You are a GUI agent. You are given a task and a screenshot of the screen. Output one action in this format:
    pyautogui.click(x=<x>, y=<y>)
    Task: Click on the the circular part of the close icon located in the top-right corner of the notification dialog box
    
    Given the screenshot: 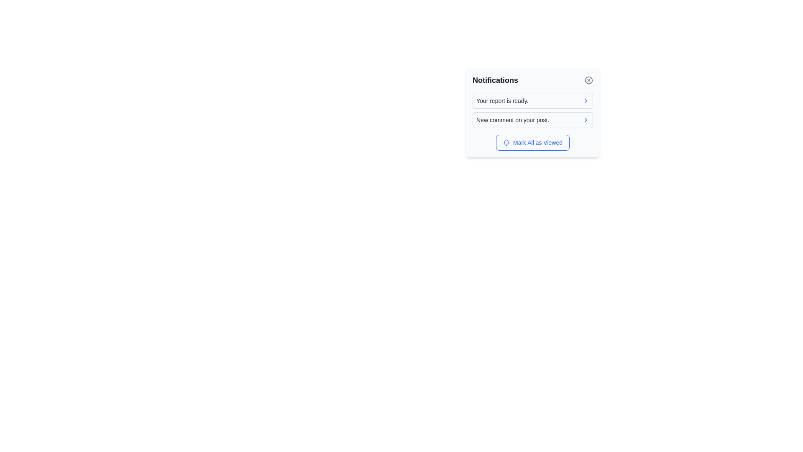 What is the action you would take?
    pyautogui.click(x=588, y=80)
    